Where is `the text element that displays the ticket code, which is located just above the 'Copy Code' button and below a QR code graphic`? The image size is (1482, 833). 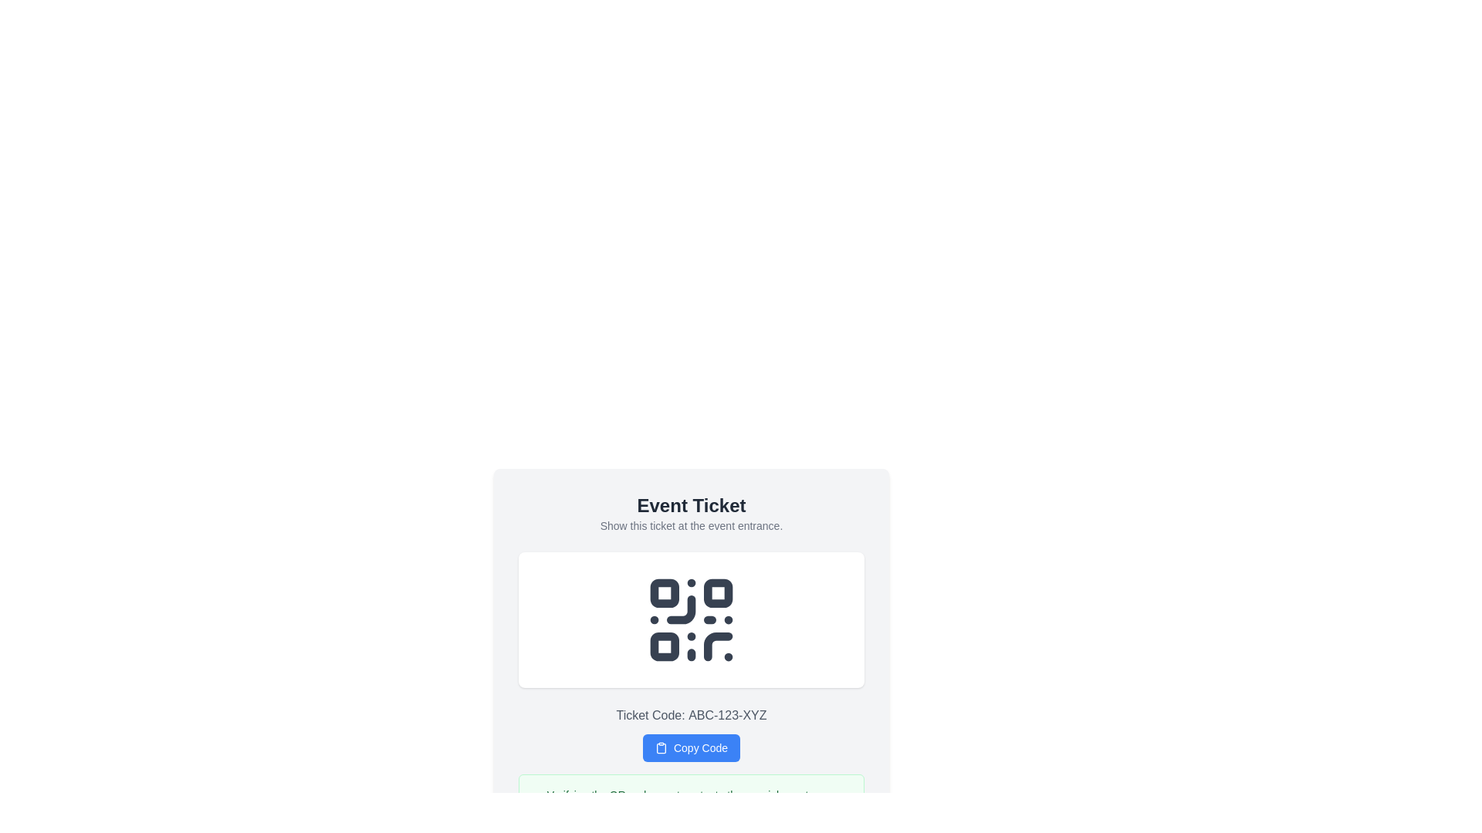 the text element that displays the ticket code, which is located just above the 'Copy Code' button and below a QR code graphic is located at coordinates (691, 716).